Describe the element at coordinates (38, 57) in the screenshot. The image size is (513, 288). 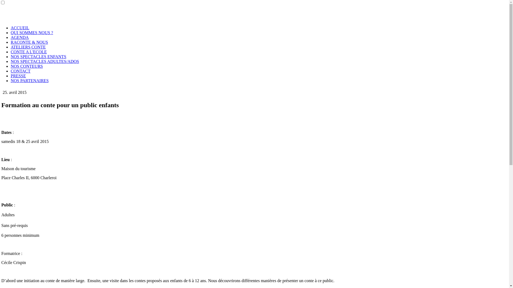
I see `'NOS SPECTACLES ENFANTS'` at that location.